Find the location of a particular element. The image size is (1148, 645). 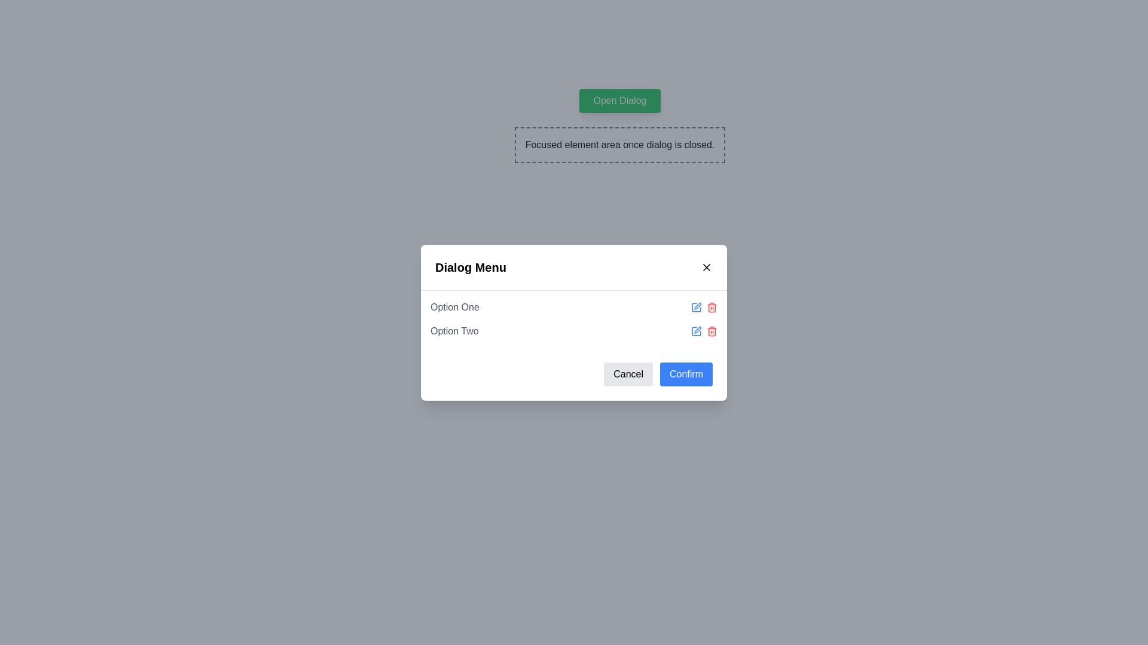

the red trash icon button located to the right of 'Option Two' in the dialog menu for additional interactions is located at coordinates (712, 331).